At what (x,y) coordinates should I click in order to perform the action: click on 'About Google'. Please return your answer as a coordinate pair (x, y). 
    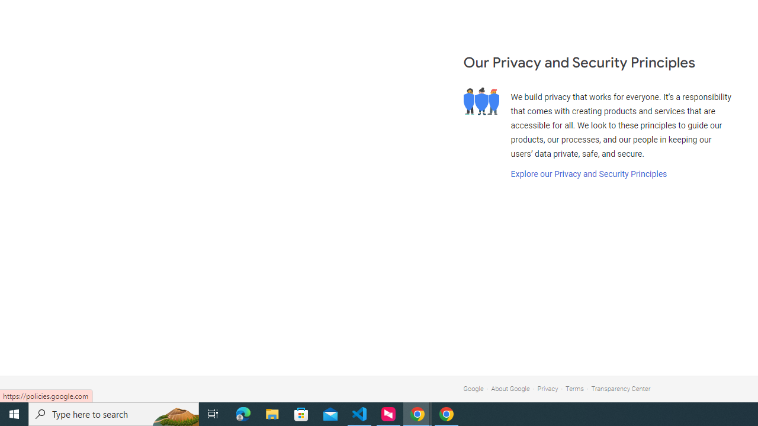
    Looking at the image, I should click on (510, 389).